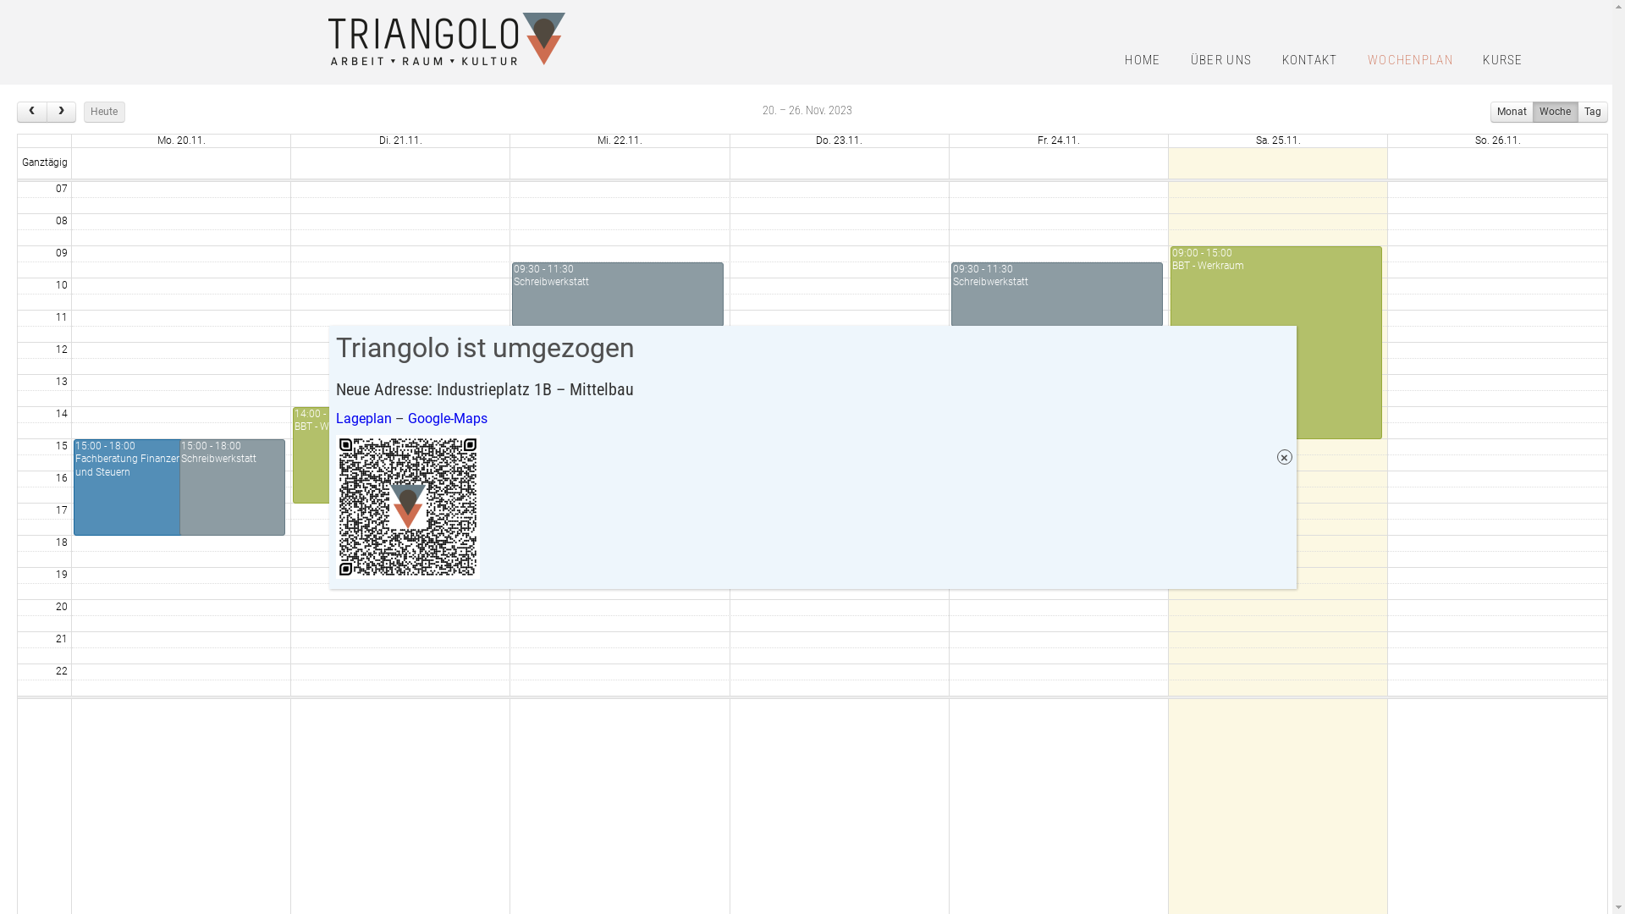 Image resolution: width=1625 pixels, height=914 pixels. What do you see at coordinates (361, 417) in the screenshot?
I see `'Lageplan'` at bounding box center [361, 417].